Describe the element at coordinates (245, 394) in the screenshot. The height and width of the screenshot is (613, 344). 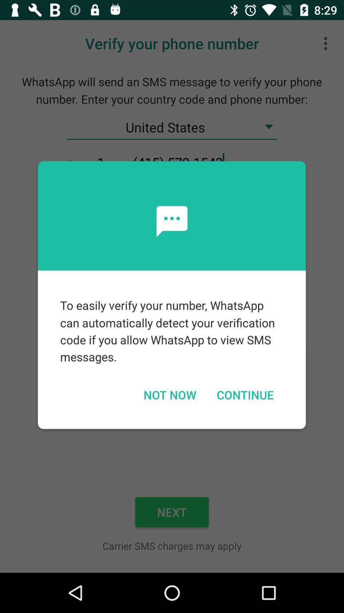
I see `the icon on the right` at that location.